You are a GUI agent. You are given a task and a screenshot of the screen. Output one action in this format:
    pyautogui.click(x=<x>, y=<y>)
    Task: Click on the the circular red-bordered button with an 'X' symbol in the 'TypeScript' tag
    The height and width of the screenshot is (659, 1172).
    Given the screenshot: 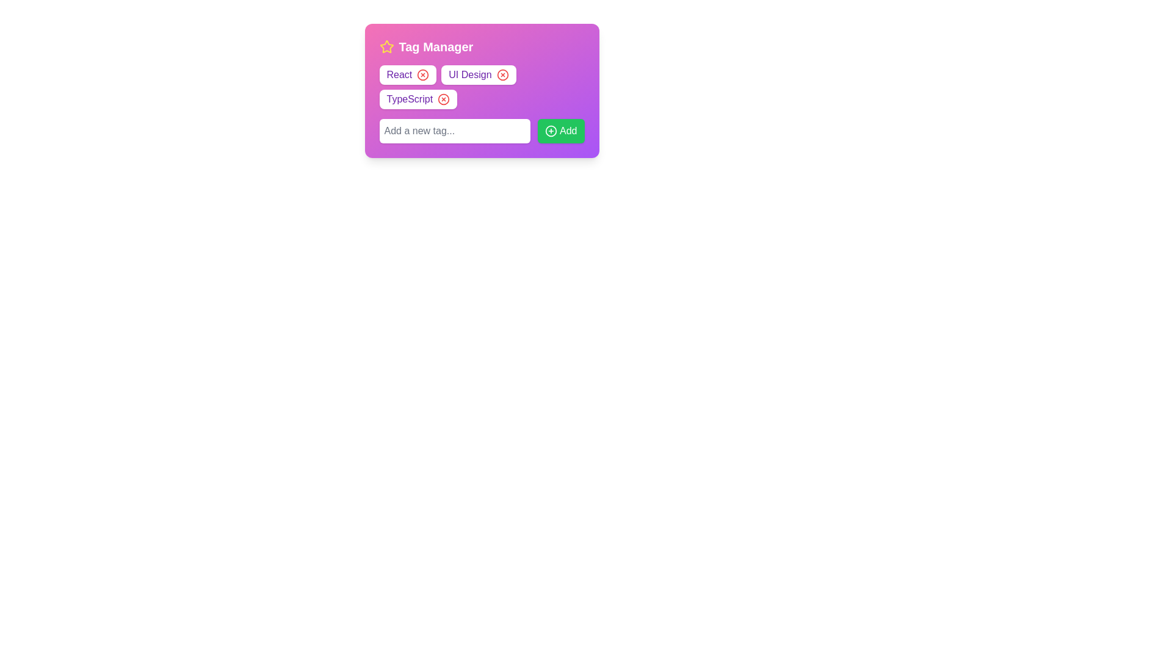 What is the action you would take?
    pyautogui.click(x=443, y=98)
    